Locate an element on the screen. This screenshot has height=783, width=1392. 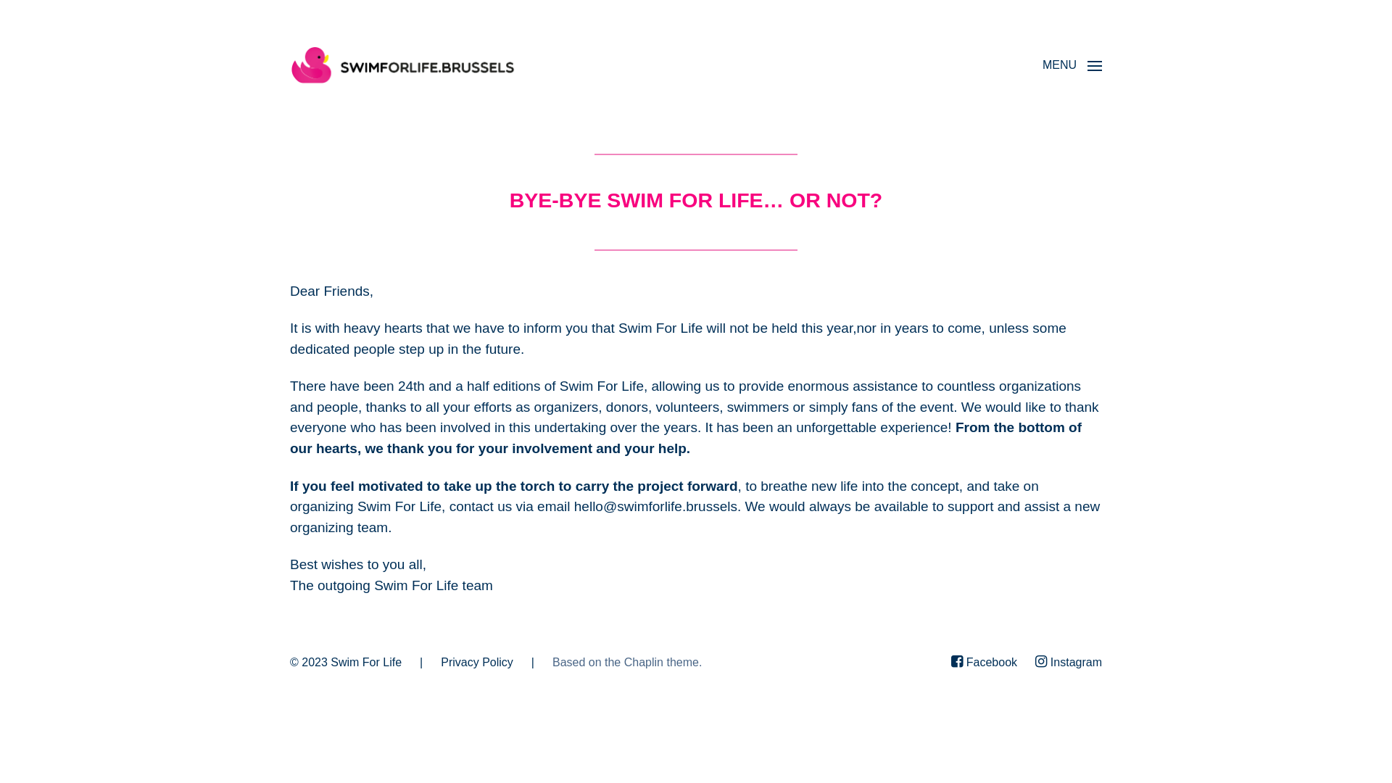
'Instagram' is located at coordinates (1035, 663).